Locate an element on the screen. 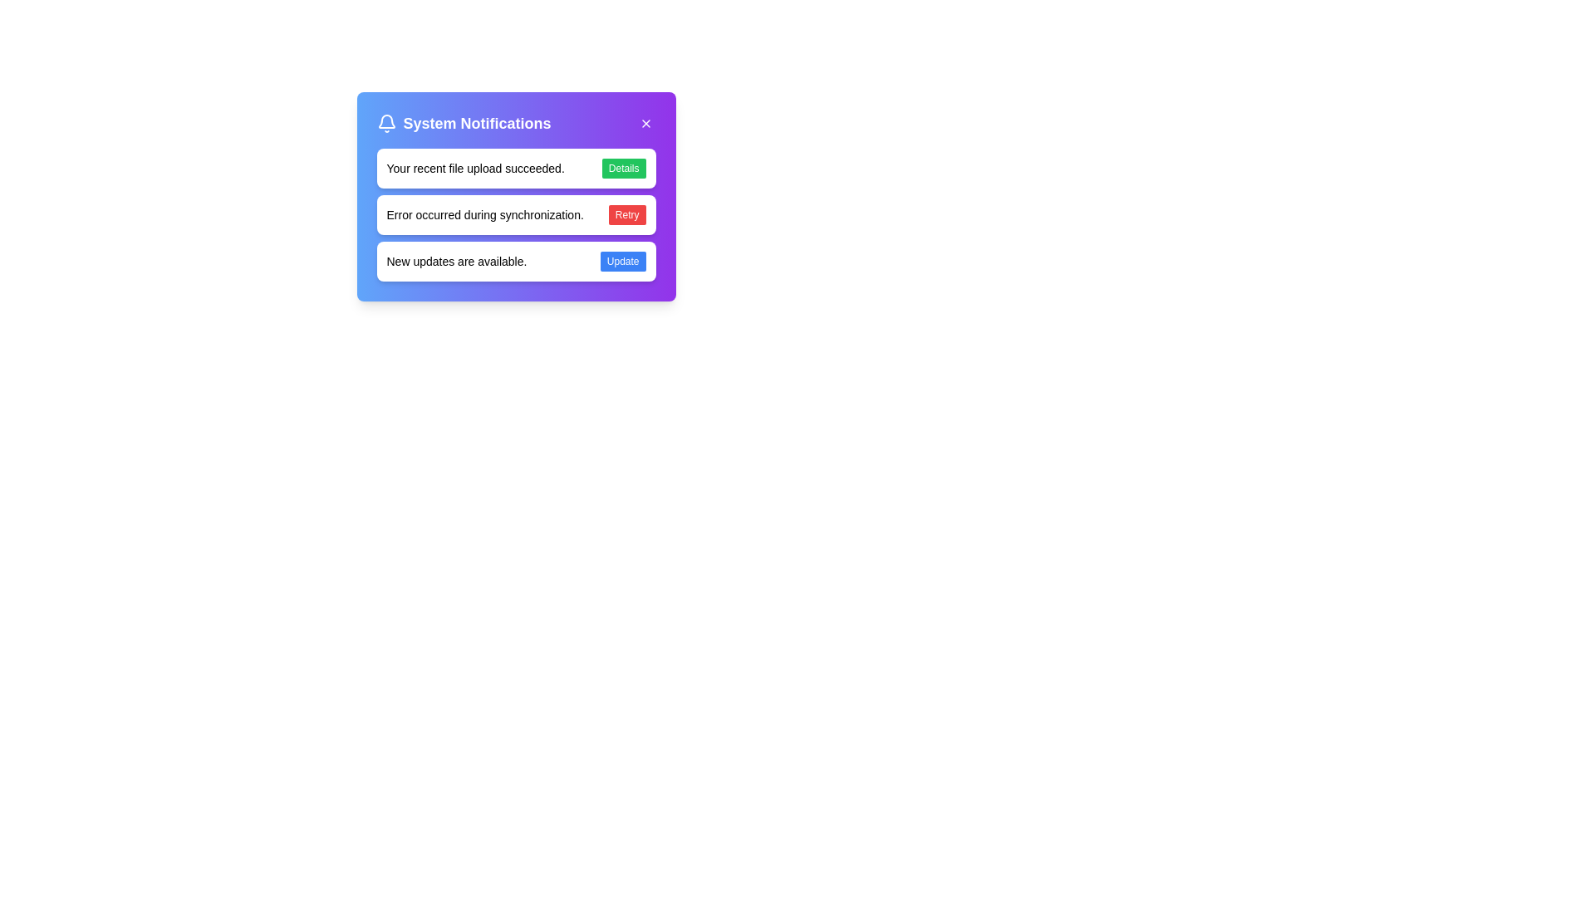 This screenshot has height=897, width=1595. the lower section of the bell icon representing notifications in the 'System Notifications' dialog box is located at coordinates (385, 120).